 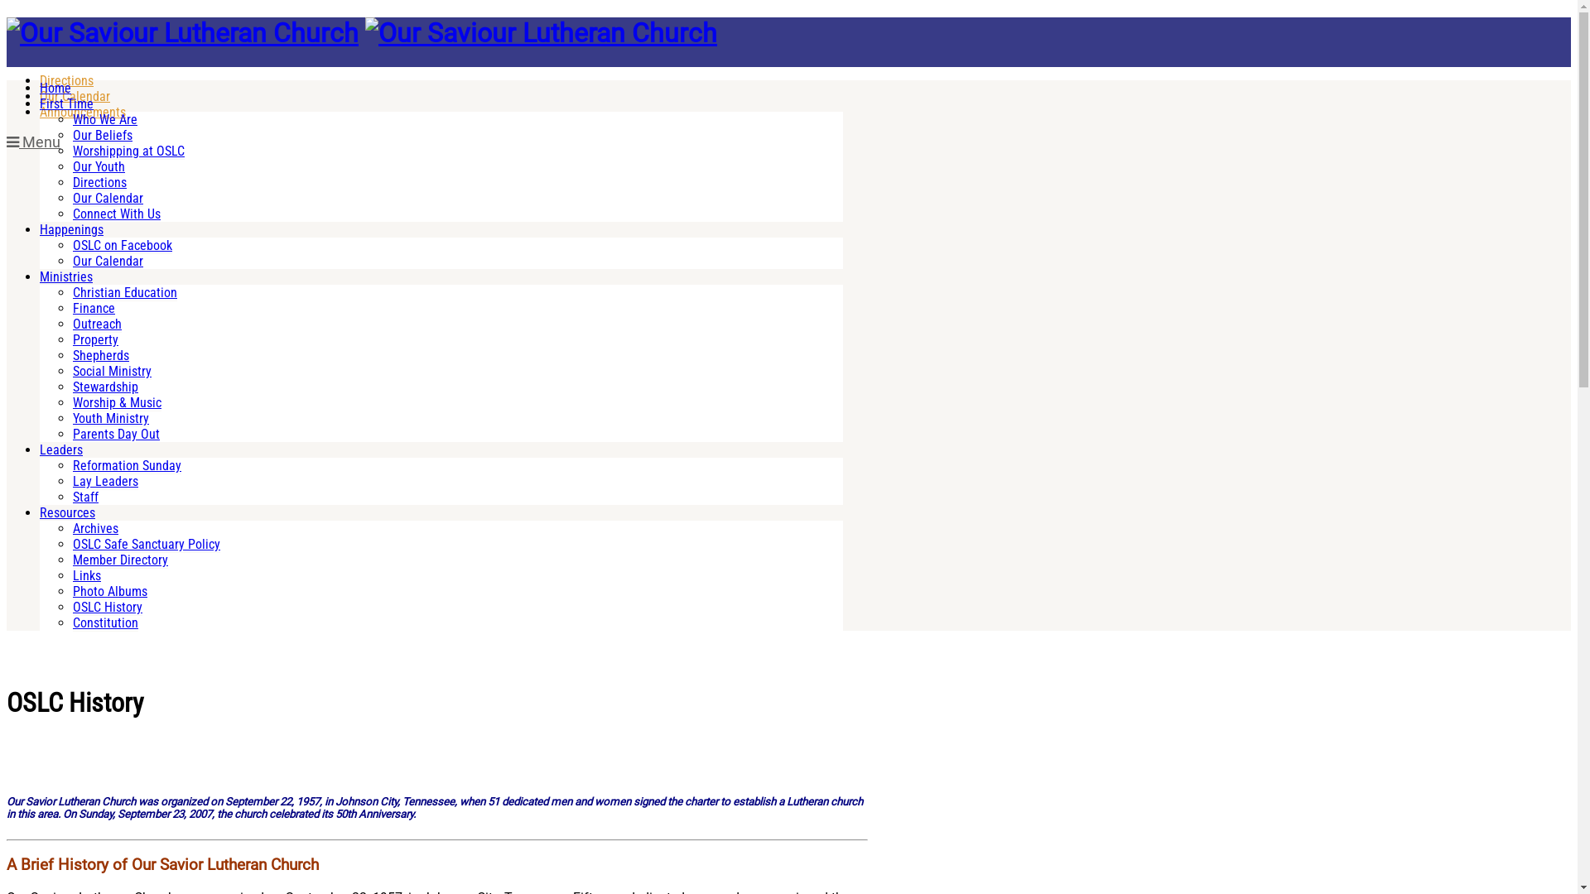 I want to click on 'Stewardship', so click(x=104, y=387).